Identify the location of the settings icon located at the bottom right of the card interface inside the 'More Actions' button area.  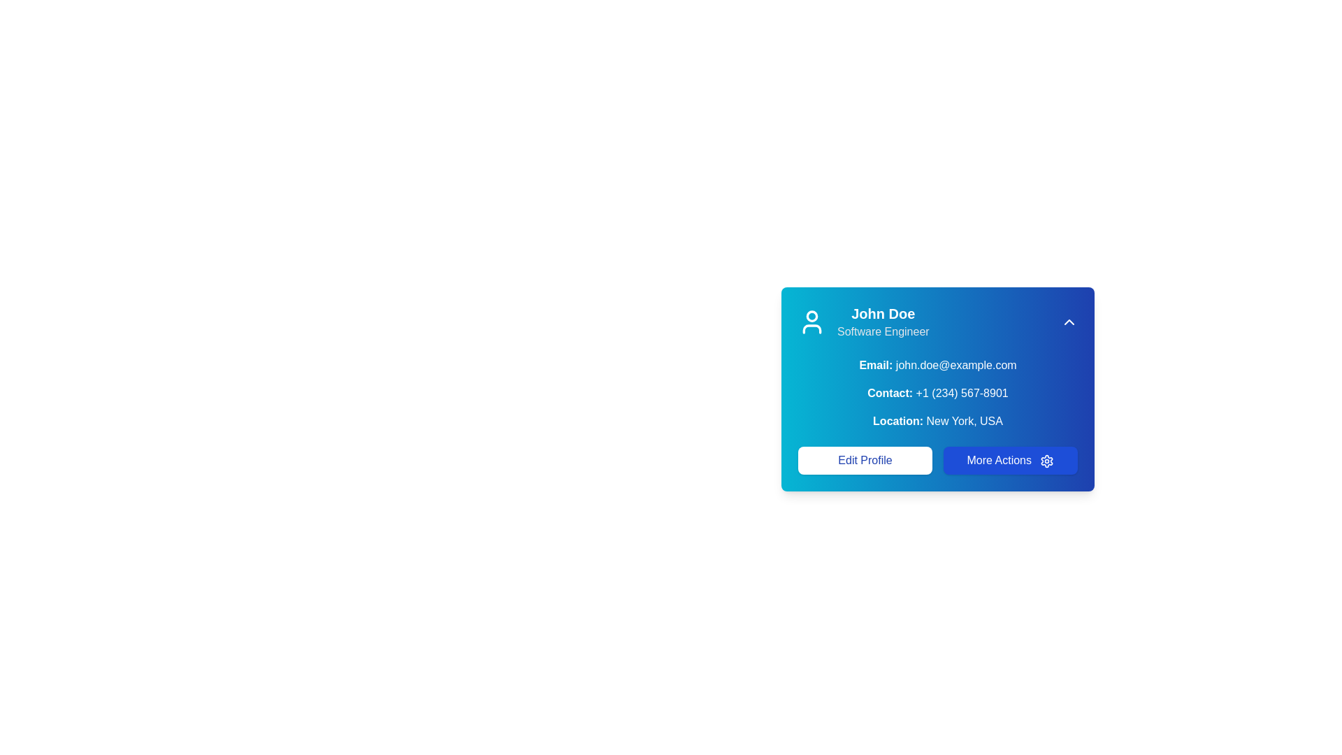
(1047, 461).